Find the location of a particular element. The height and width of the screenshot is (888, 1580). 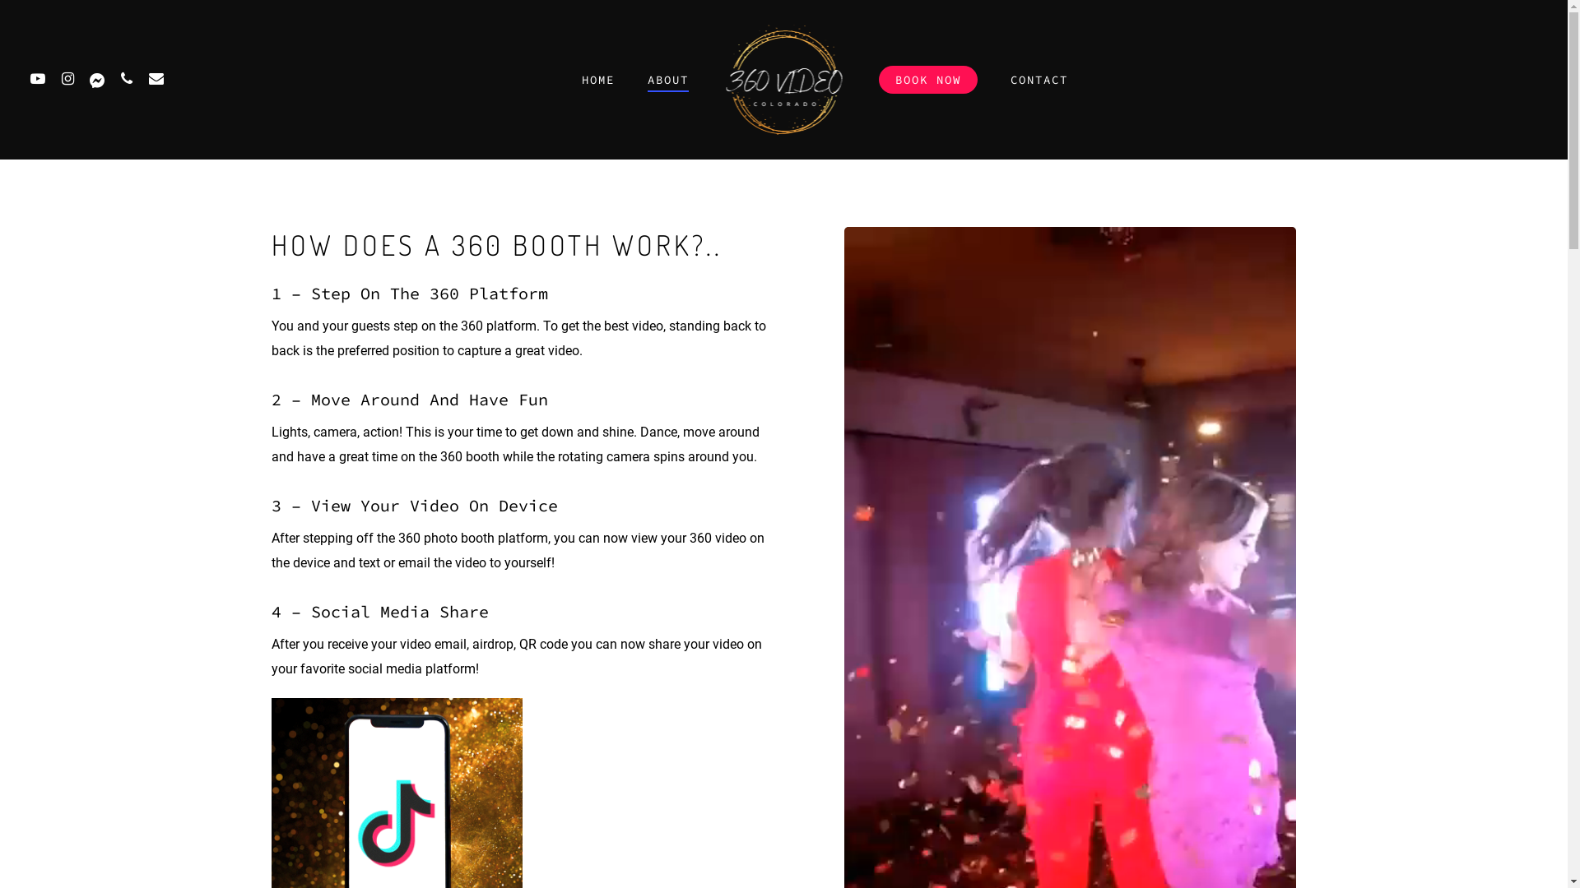

'EMAIL' is located at coordinates (156, 79).